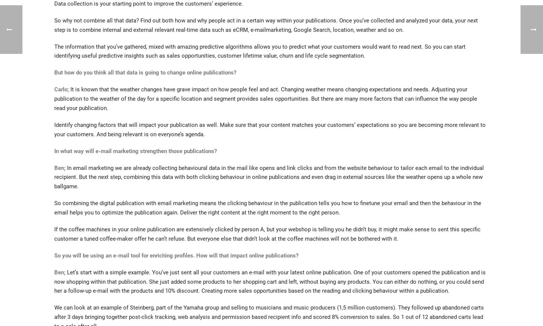  I want to click on 'Let’s start with a simple example. You’ve just sent all your customers an e-mail with your latest online publication. One of your customers opened the publication and is now shopping within that publication. She just added some products to her shopping cart and left, without buying any products. You can either do nothing, or you could send her a follow-up e-mail with the products and 10% discount. Creating more sales opportunities based on the reading and clicking behaviour within a publication.', so click(269, 281).